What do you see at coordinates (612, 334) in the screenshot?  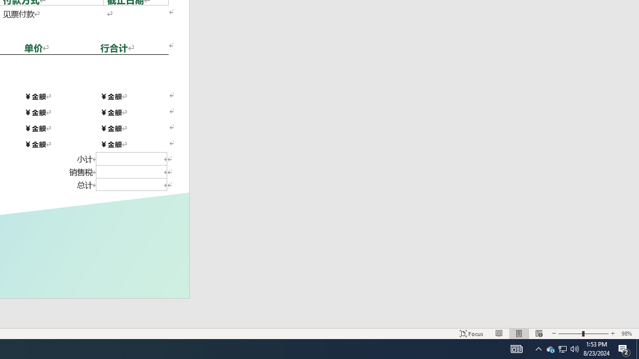 I see `'Zoom In'` at bounding box center [612, 334].